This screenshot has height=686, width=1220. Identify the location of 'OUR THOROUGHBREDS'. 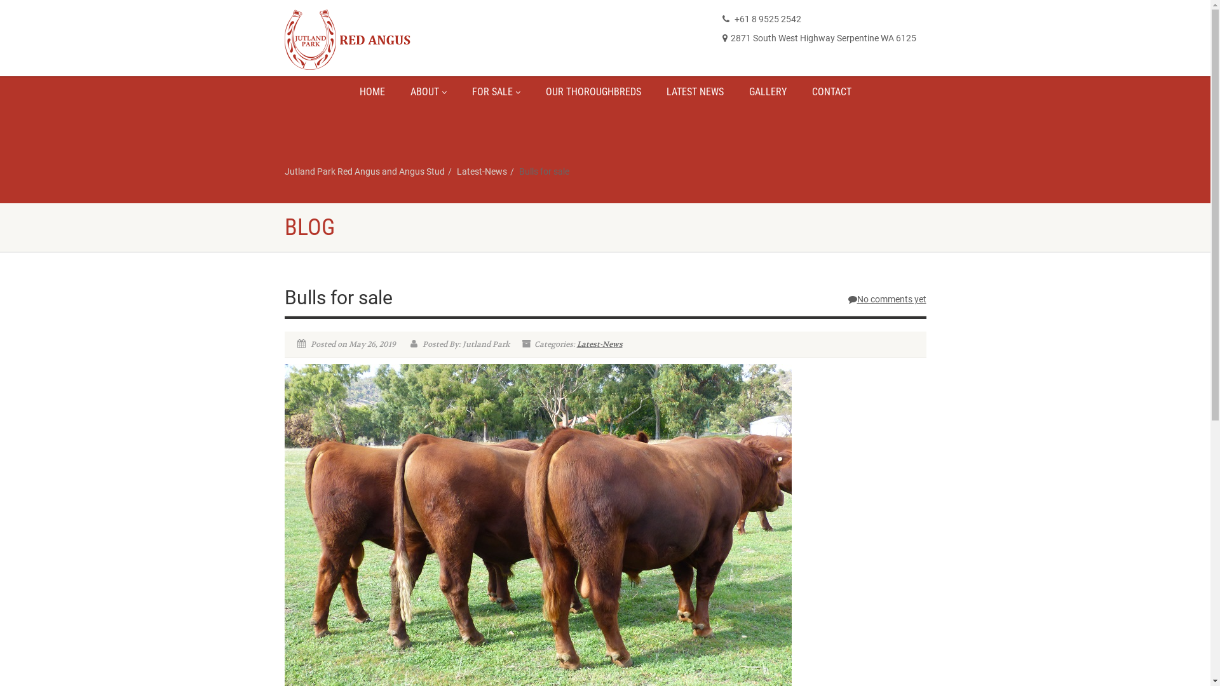
(592, 91).